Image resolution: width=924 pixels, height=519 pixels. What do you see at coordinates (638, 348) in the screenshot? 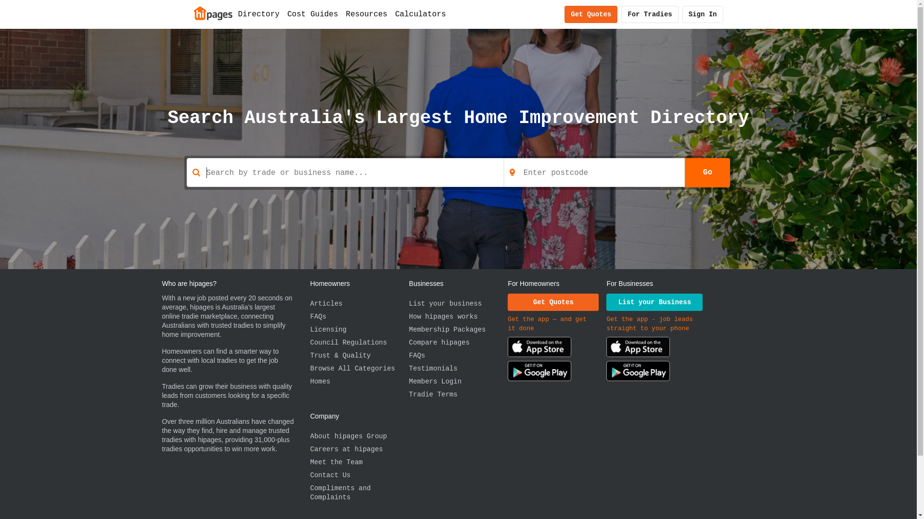
I see `'Download the hipages app on the App Store'` at bounding box center [638, 348].